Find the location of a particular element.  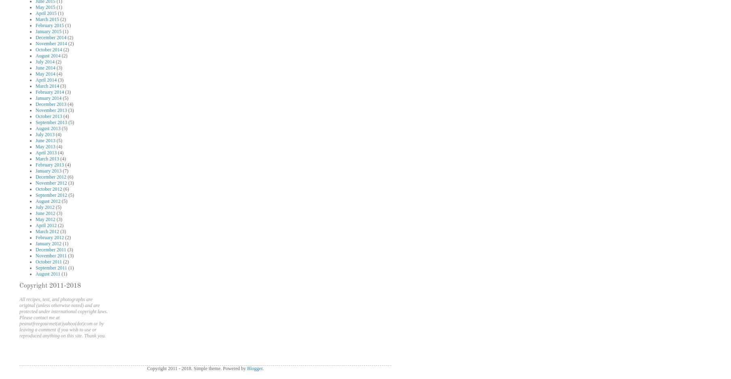

'July 2014' is located at coordinates (44, 61).